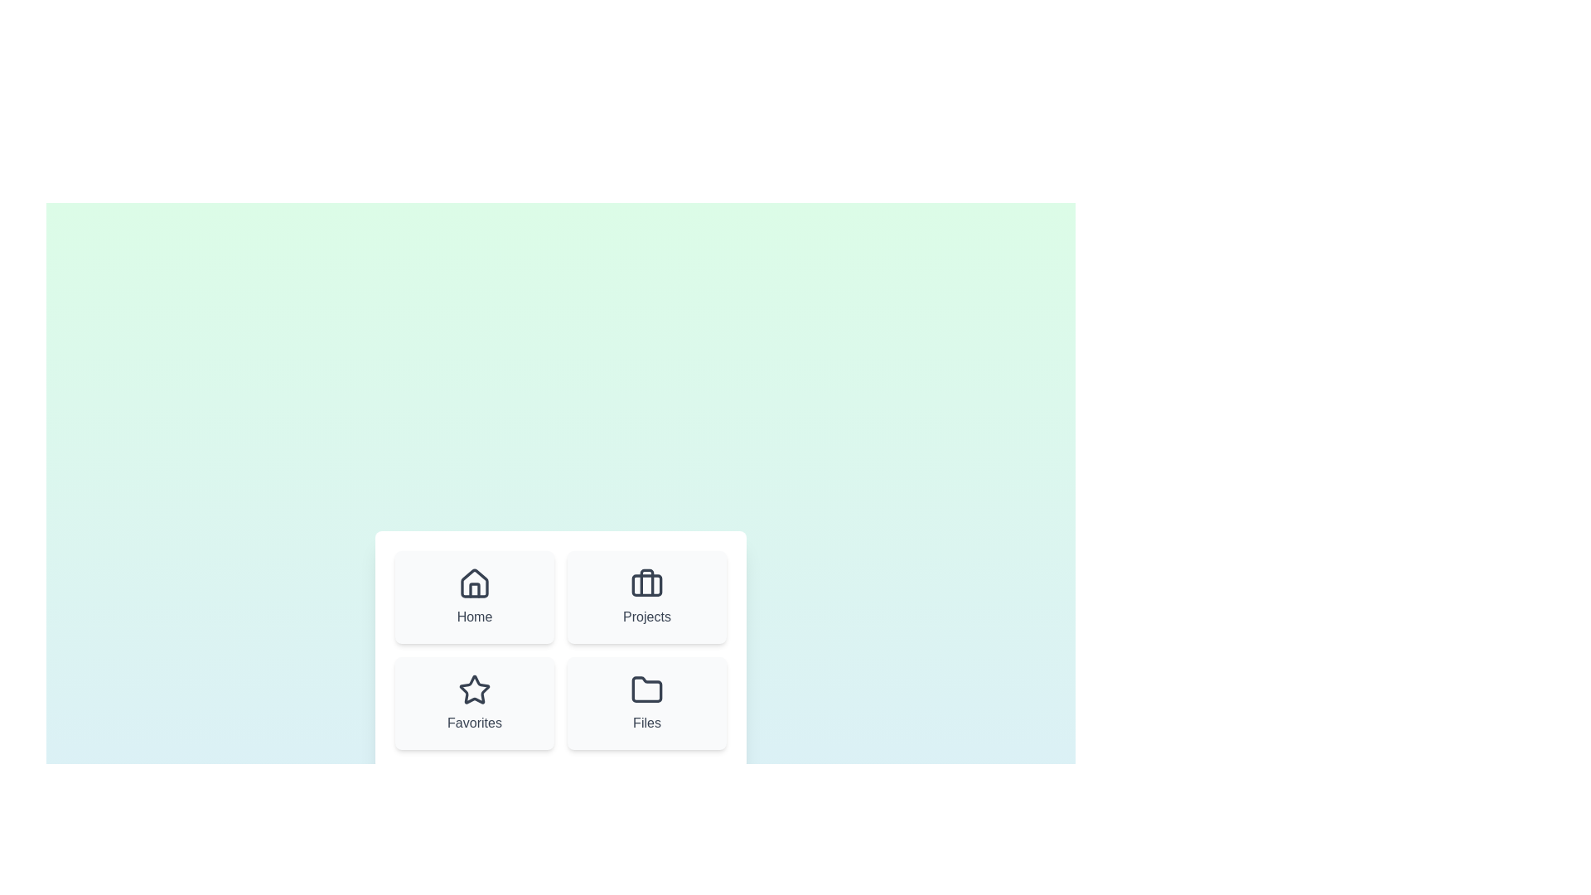  I want to click on the menu item labeled Favorites to activate it, so click(473, 703).